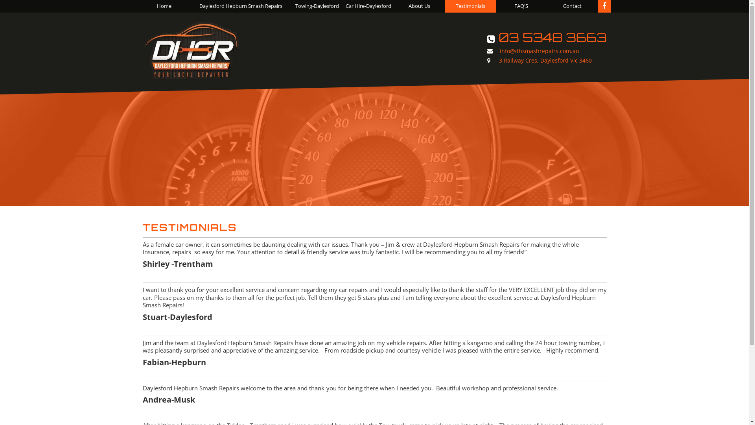  What do you see at coordinates (394, 6) in the screenshot?
I see `'About Us'` at bounding box center [394, 6].